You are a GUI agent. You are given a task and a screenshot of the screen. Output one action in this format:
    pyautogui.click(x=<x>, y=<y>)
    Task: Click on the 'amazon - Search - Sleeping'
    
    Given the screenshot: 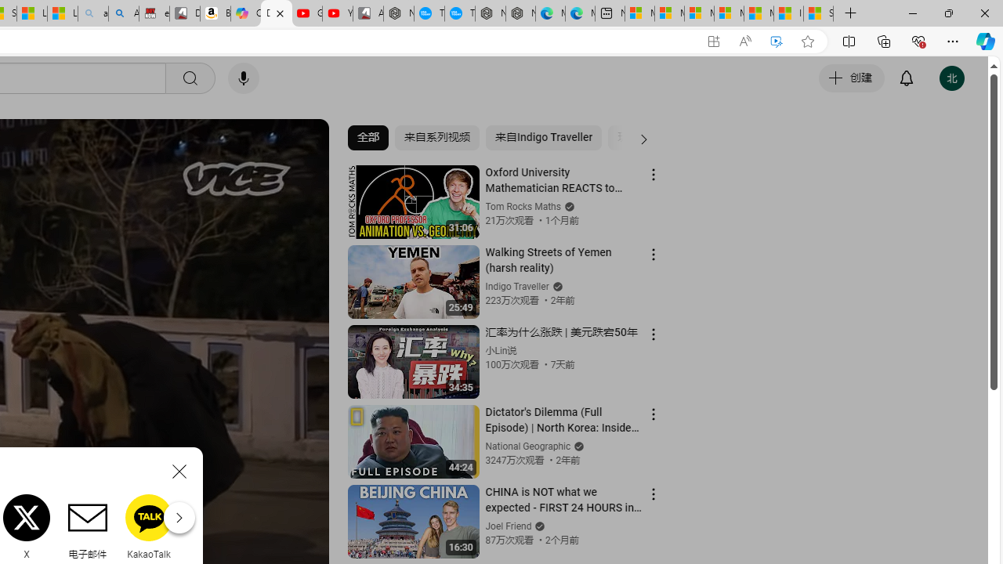 What is the action you would take?
    pyautogui.click(x=92, y=13)
    